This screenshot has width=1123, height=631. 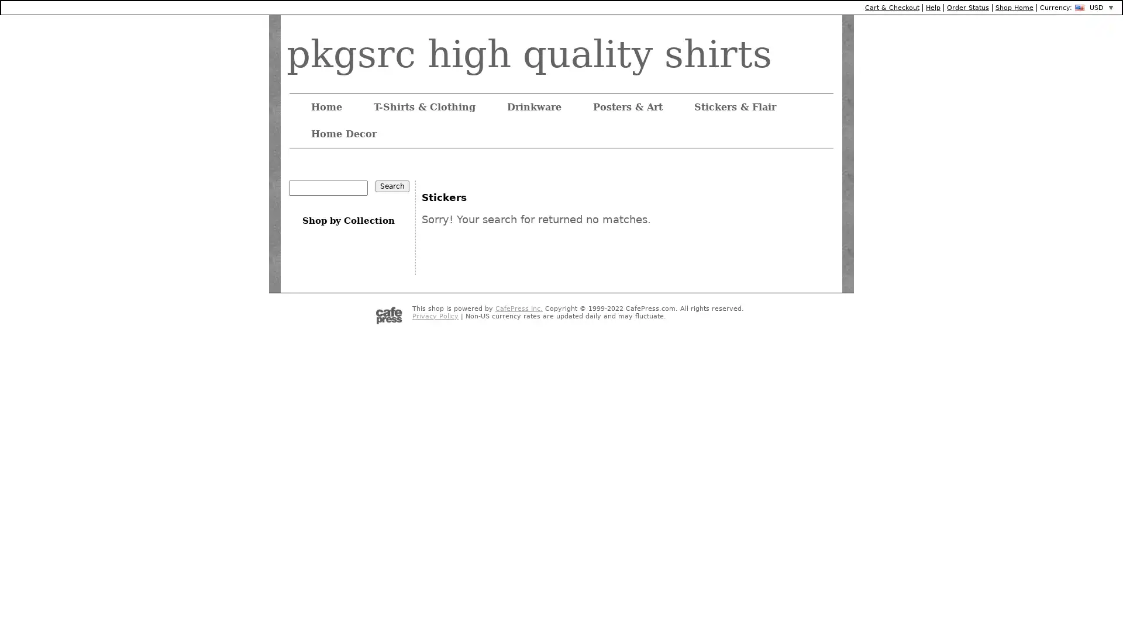 I want to click on Search, so click(x=392, y=186).